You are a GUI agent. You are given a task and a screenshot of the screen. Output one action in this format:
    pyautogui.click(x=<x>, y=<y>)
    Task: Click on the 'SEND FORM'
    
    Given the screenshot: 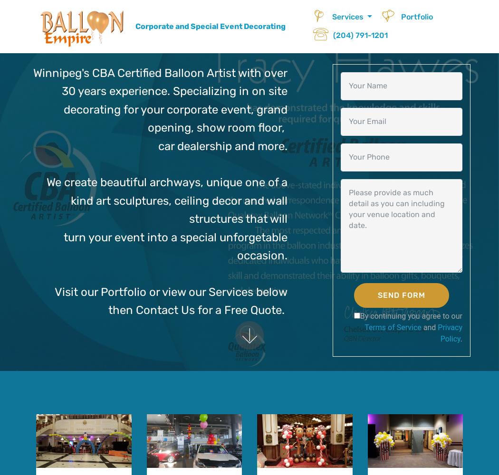 What is the action you would take?
    pyautogui.click(x=401, y=294)
    